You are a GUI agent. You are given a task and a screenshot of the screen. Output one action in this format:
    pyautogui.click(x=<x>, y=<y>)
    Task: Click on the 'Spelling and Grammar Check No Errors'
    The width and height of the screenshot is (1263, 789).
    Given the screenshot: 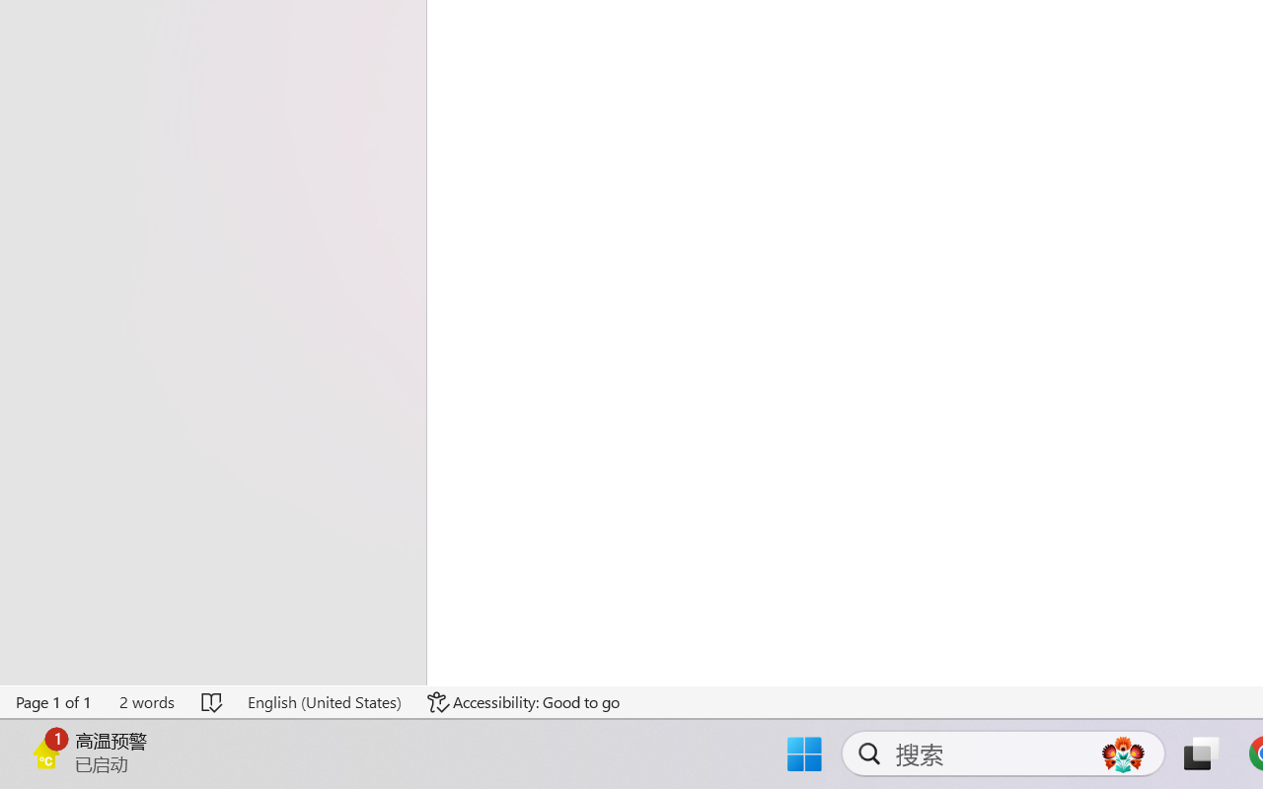 What is the action you would take?
    pyautogui.click(x=213, y=701)
    